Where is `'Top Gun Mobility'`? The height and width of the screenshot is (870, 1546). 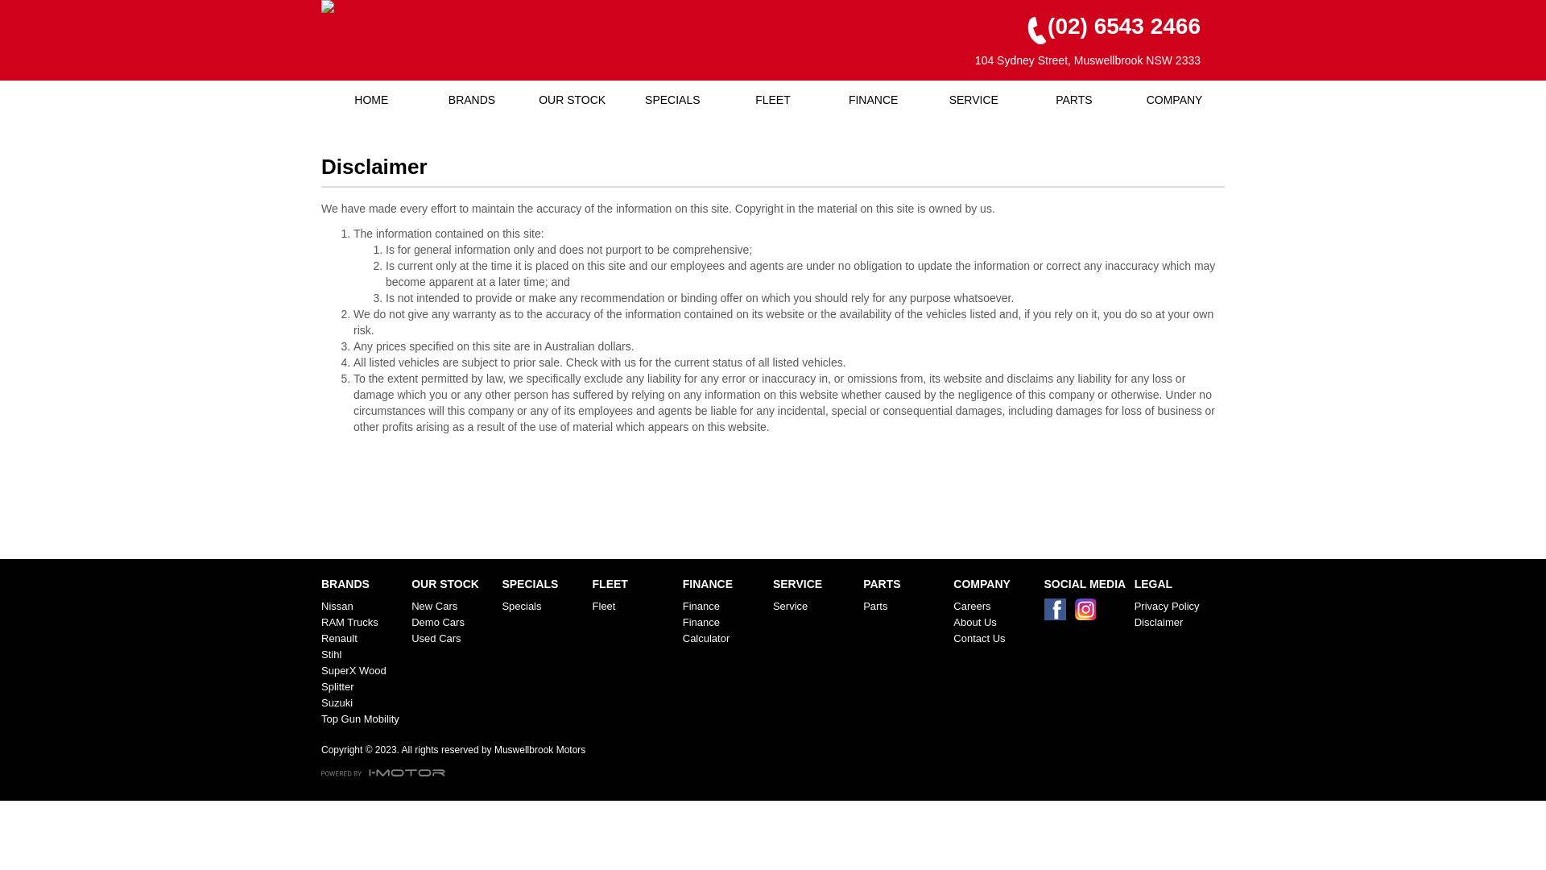 'Top Gun Mobility' is located at coordinates (362, 719).